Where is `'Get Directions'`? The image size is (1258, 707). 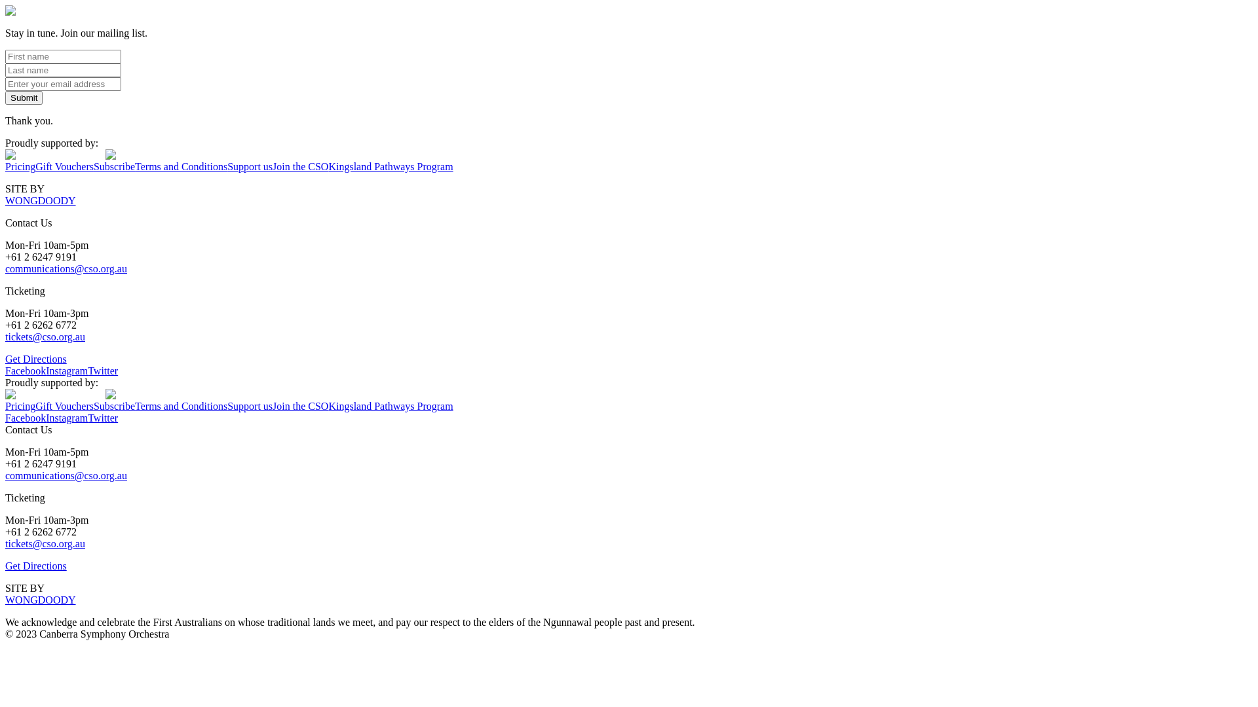
'Get Directions' is located at coordinates (5, 565).